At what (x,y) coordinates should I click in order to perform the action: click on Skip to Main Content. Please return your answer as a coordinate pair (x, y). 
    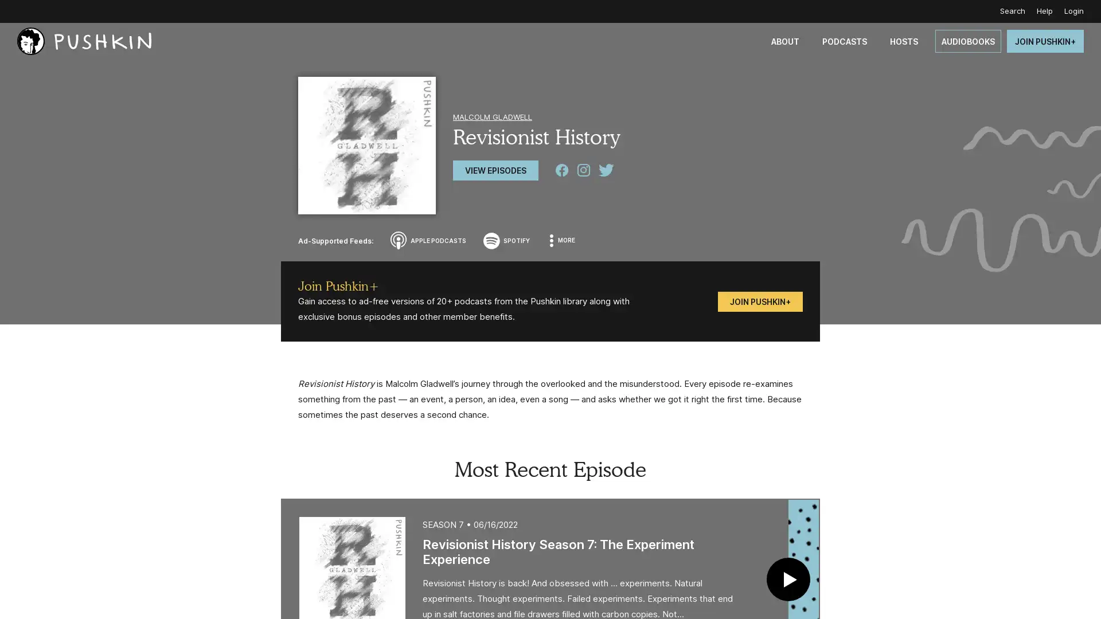
    Looking at the image, I should click on (11, 11).